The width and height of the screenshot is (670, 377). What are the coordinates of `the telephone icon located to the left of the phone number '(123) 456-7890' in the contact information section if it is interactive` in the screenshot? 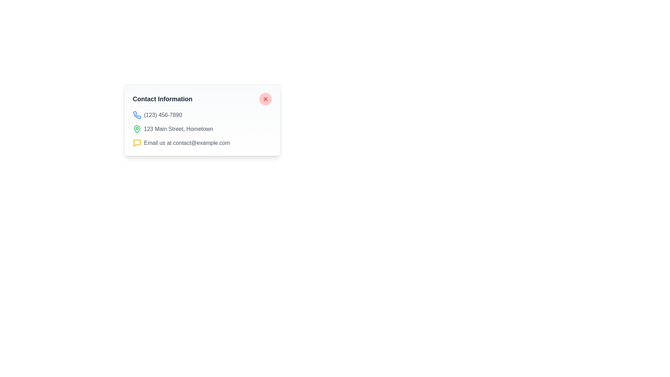 It's located at (137, 114).